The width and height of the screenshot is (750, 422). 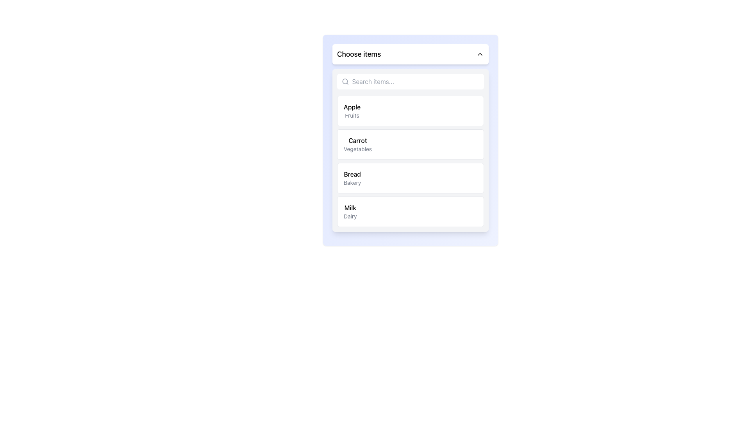 I want to click on text information from the label element representing 'Carrot' categorized under 'Vegetables', located in a vertical list below 'Apple' and above 'Bread', so click(x=357, y=145).